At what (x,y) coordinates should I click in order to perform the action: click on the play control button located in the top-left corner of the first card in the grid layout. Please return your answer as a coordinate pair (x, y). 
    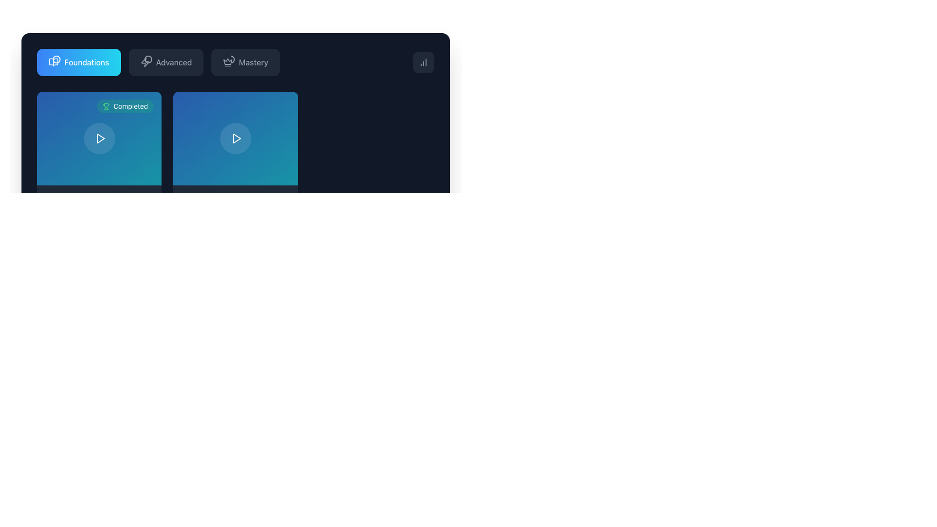
    Looking at the image, I should click on (99, 139).